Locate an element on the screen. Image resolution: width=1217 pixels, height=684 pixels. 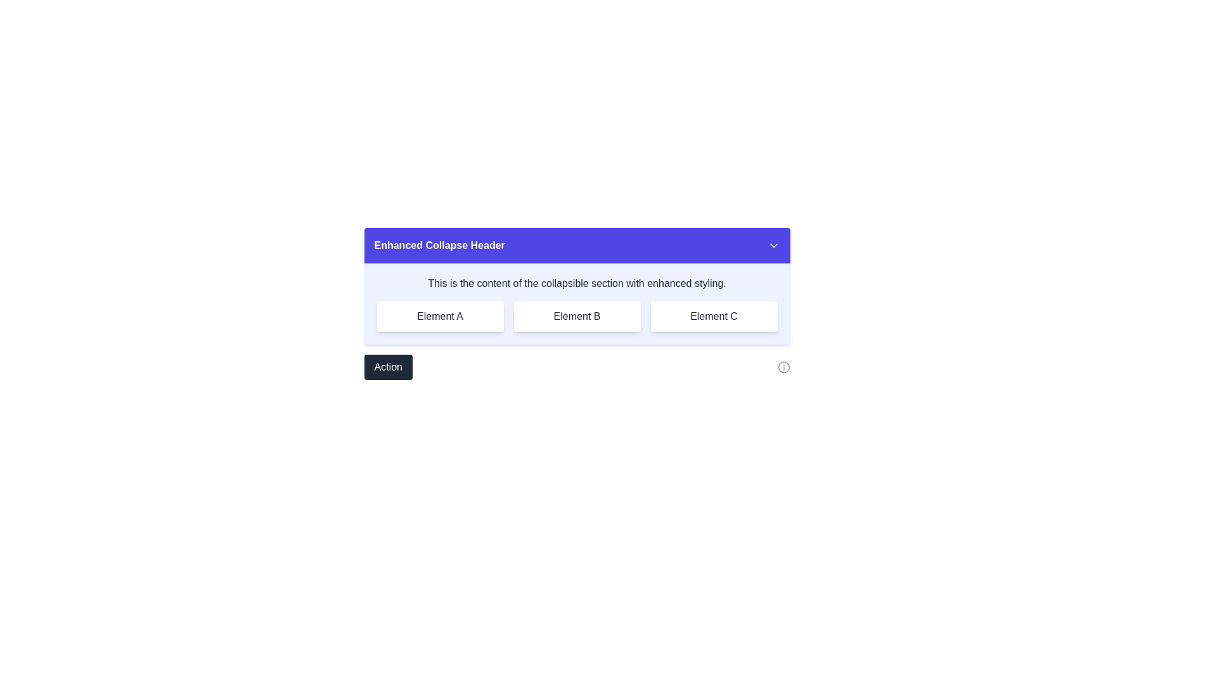
the downward-facing chevron icon located at the far right of the 'Enhanced Collapse Header' section, which has a bold purple background is located at coordinates (773, 246).